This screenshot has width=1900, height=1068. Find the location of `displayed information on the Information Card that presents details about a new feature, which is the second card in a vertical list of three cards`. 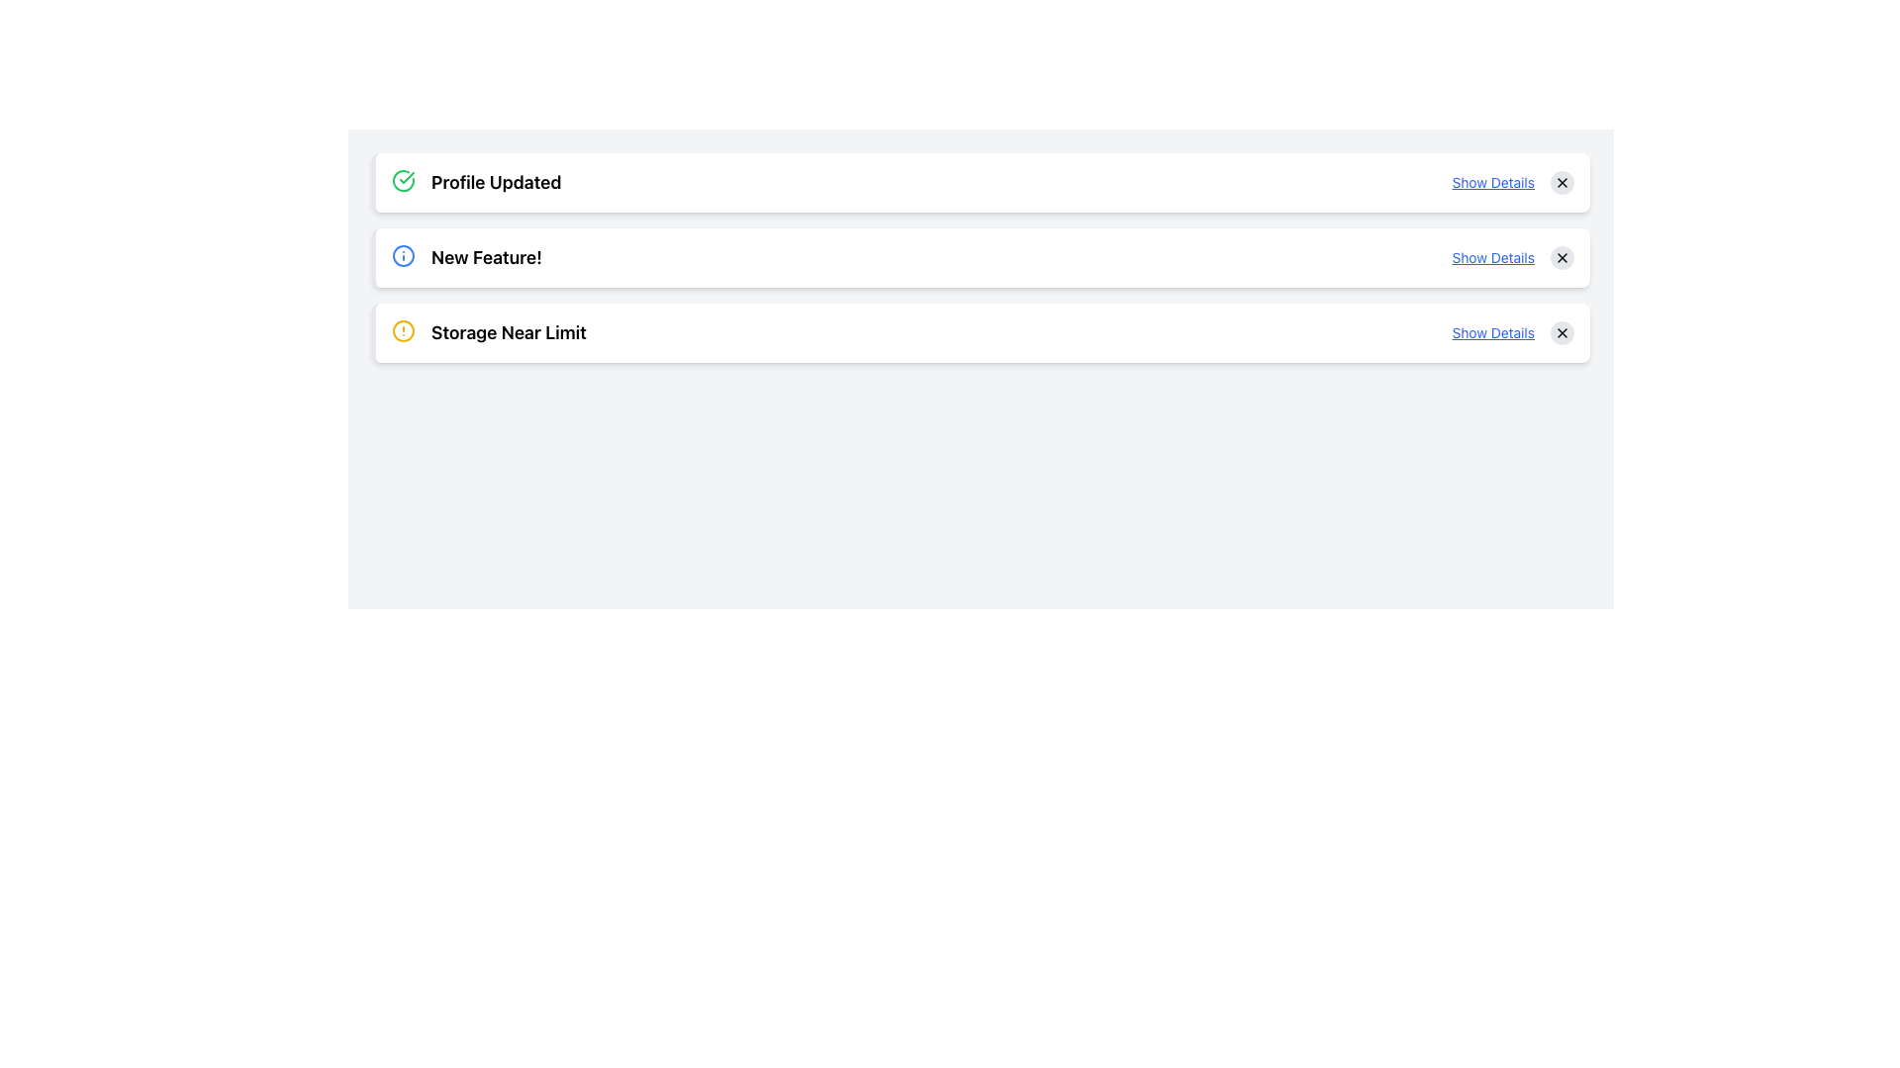

displayed information on the Information Card that presents details about a new feature, which is the second card in a vertical list of three cards is located at coordinates (981, 257).